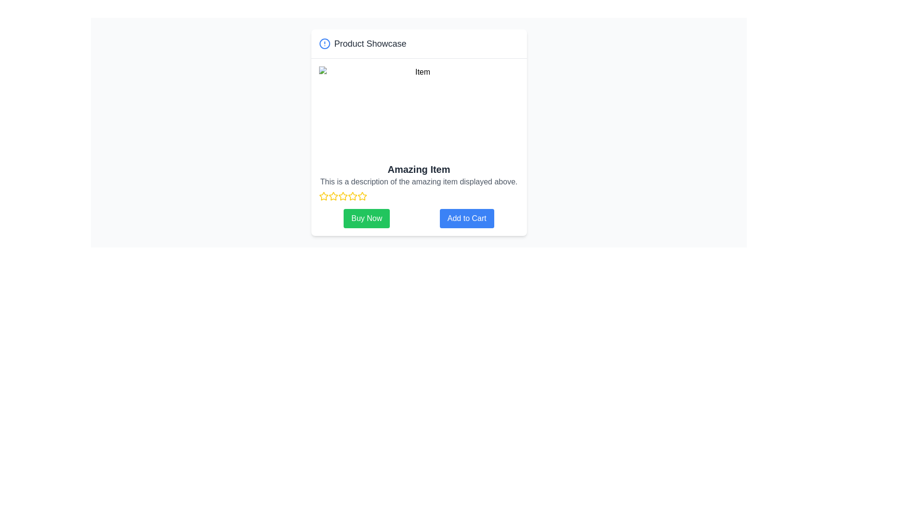 The height and width of the screenshot is (520, 924). Describe the element at coordinates (352, 195) in the screenshot. I see `the fourth star-shaped rating icon with a hollow center and yellow outline beneath the heading 'Amazing Item'` at that location.